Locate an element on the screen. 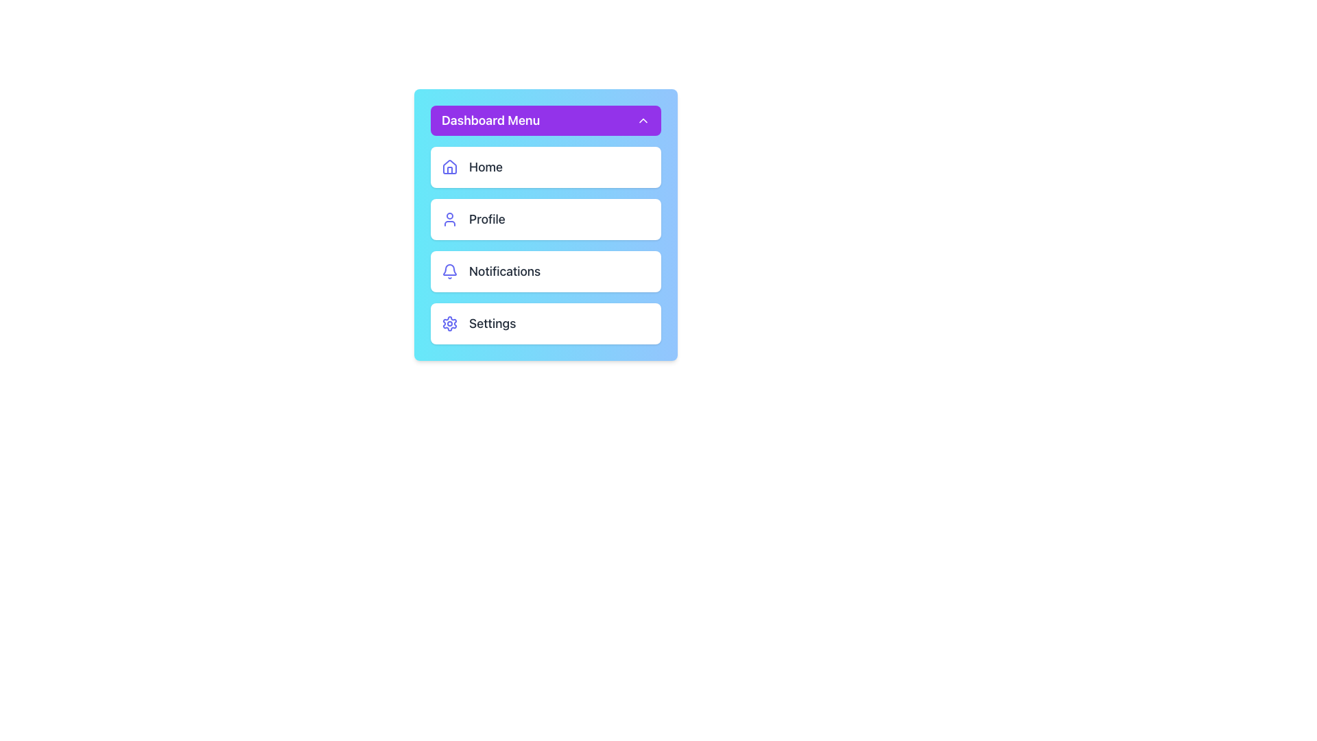 Image resolution: width=1317 pixels, height=741 pixels. 'Profile' text label, which is displayed in bold, medium-sized dark gray font to understand its purpose is located at coordinates (487, 219).